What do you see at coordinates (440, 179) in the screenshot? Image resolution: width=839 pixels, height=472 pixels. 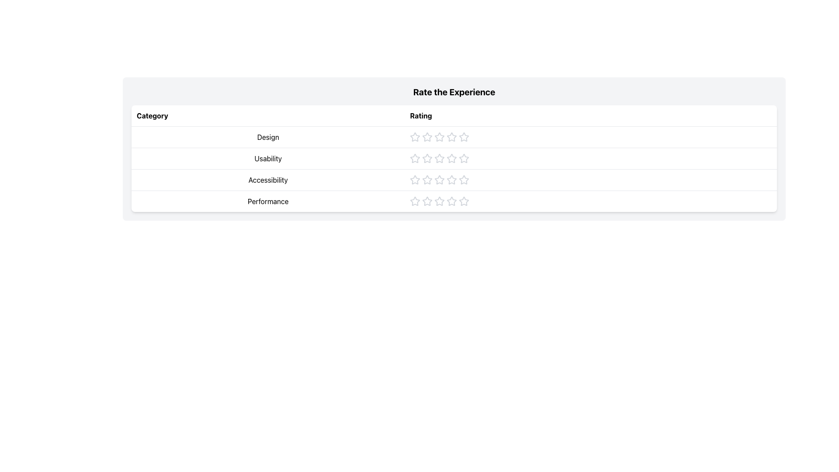 I see `the third star-shaped rating icon in the Accessibility category to set the rating` at bounding box center [440, 179].